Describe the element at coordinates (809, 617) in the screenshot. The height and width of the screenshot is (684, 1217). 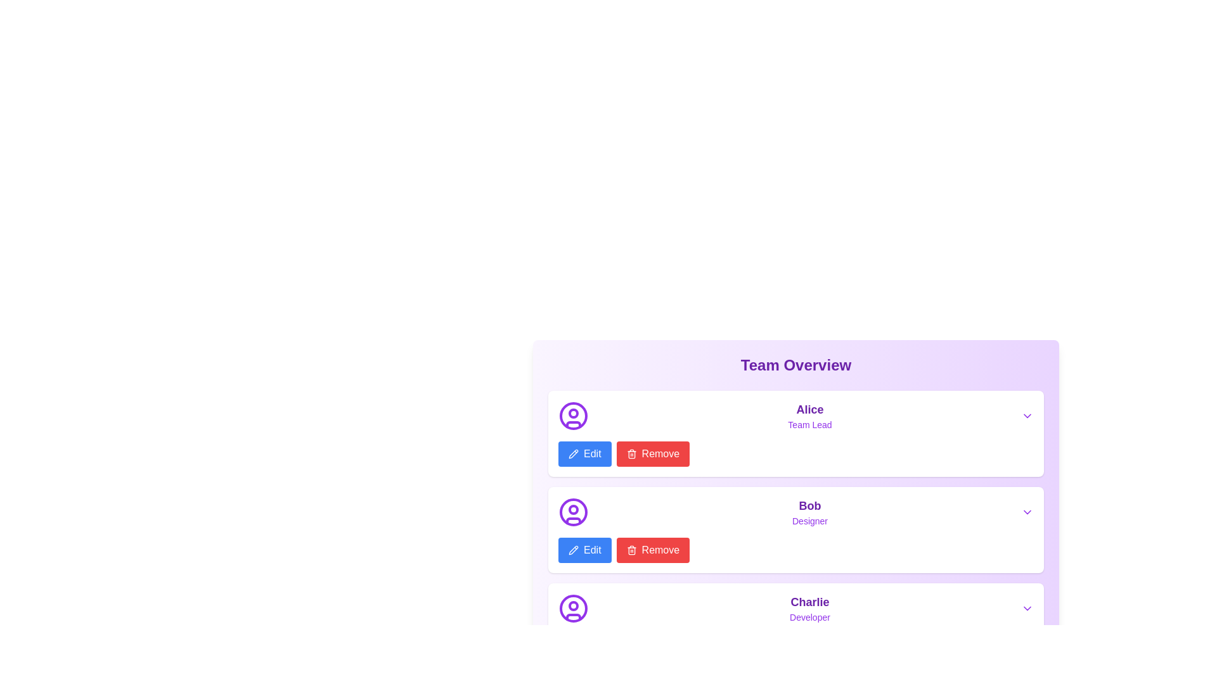
I see `the text label indicating the role 'Developer' associated with team member 'Charlie' in the Team Overview section` at that location.